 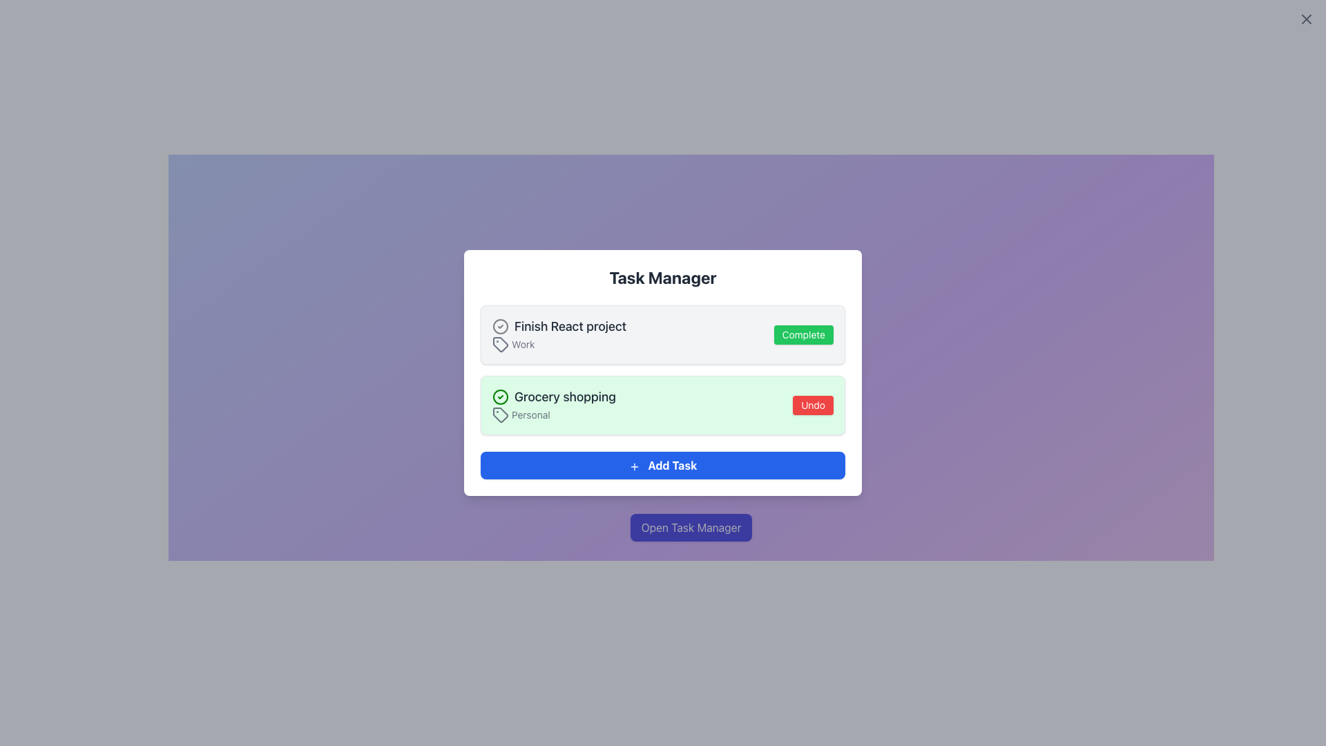 I want to click on the SVG icon that serves as a visual indicator for the 'Finish React project' task, located to the left of the 'Work' text in the task manager interface, so click(x=499, y=343).